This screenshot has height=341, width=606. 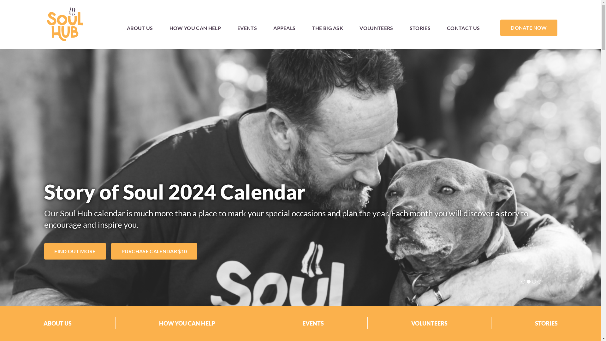 What do you see at coordinates (284, 27) in the screenshot?
I see `'APPEALS'` at bounding box center [284, 27].